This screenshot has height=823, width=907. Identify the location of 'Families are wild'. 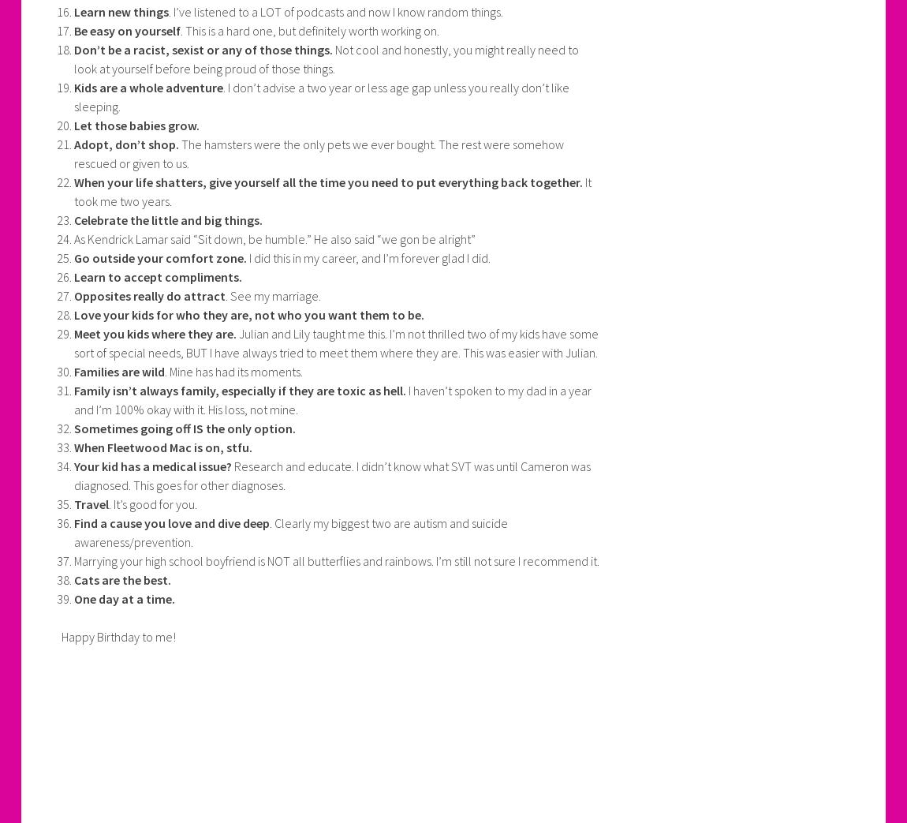
(118, 371).